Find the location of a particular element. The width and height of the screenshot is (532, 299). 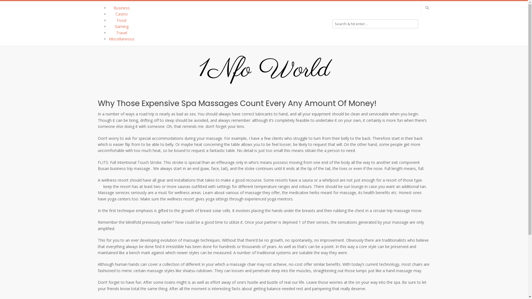

'Miscellaneous' is located at coordinates (121, 38).